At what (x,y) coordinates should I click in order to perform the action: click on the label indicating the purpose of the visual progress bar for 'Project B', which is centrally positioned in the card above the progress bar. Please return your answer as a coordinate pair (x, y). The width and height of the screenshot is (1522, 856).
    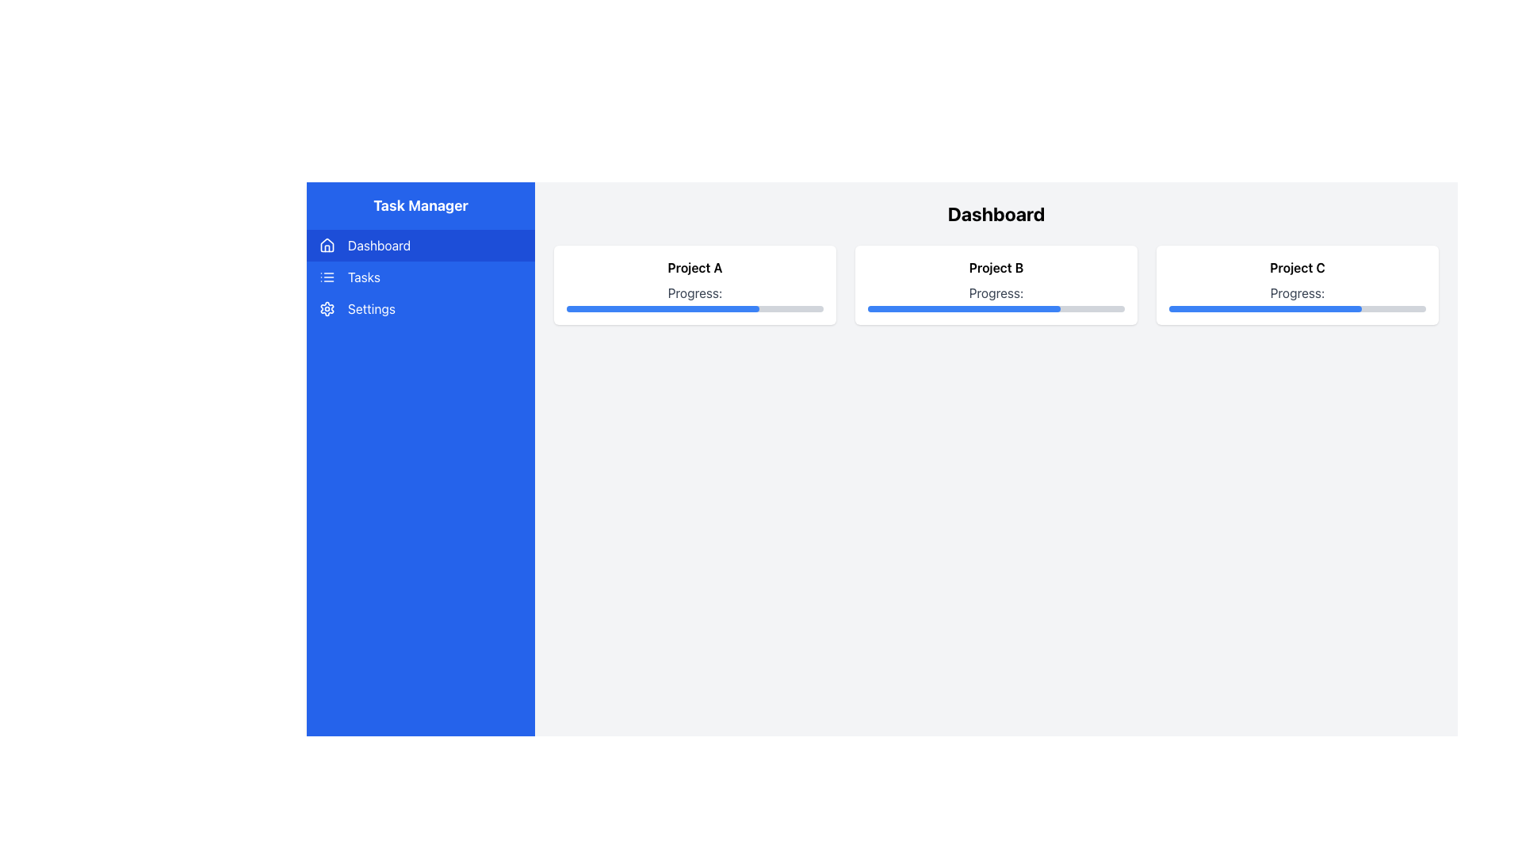
    Looking at the image, I should click on (996, 297).